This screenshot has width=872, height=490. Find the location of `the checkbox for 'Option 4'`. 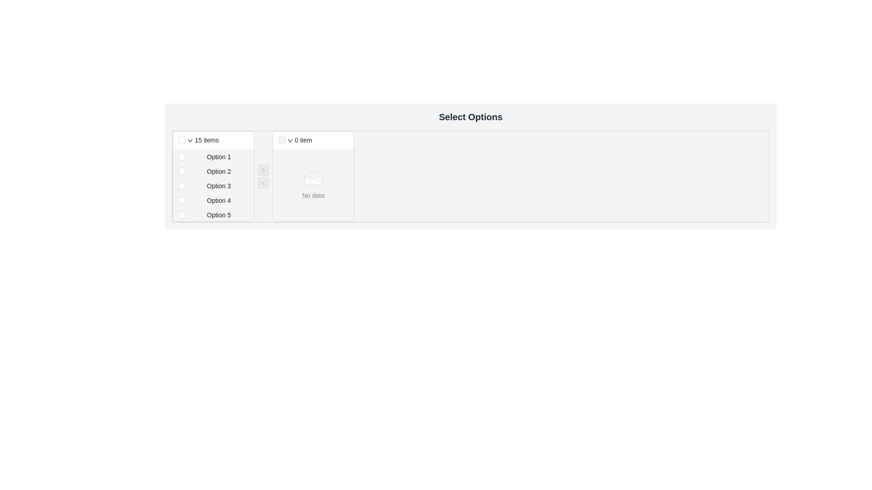

the checkbox for 'Option 4' is located at coordinates (213, 200).